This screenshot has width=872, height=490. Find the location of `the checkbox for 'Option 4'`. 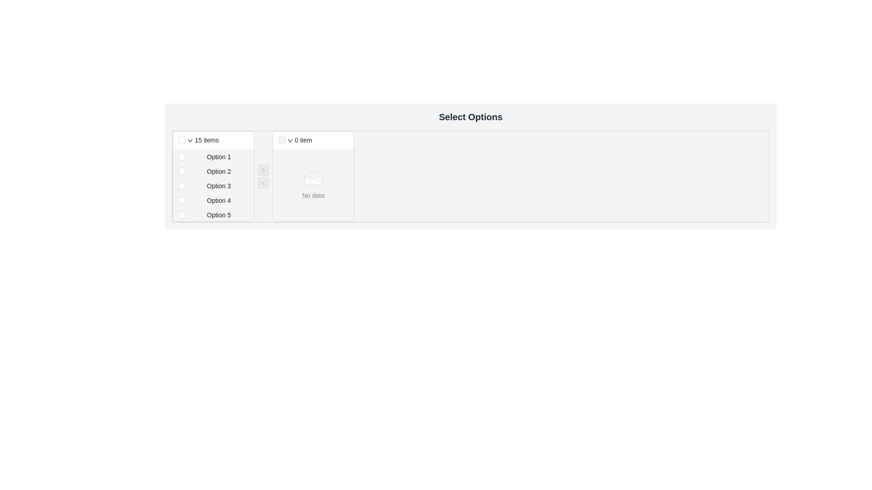

the checkbox for 'Option 4' is located at coordinates (213, 200).